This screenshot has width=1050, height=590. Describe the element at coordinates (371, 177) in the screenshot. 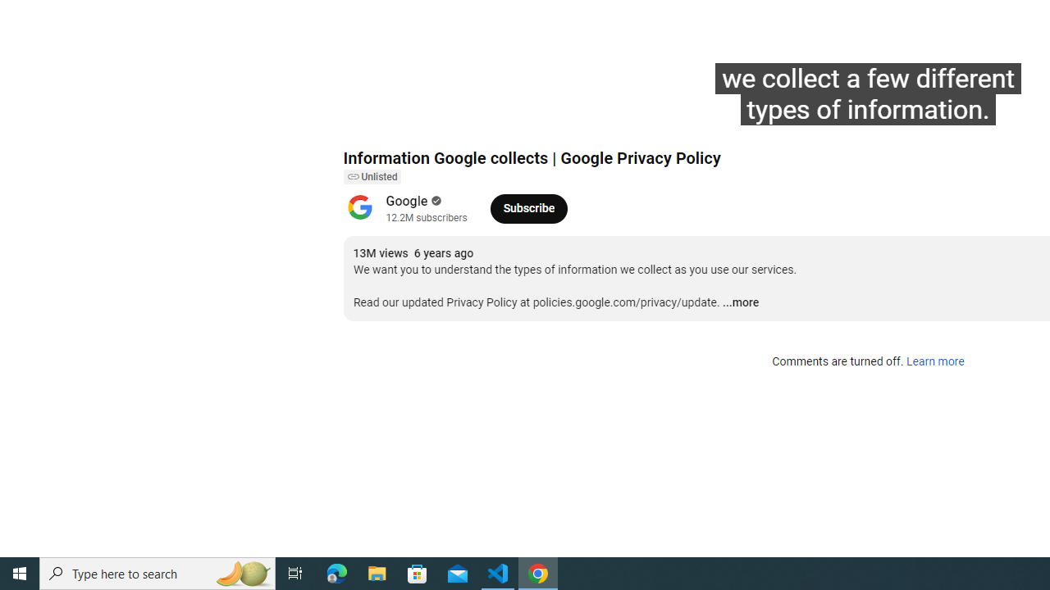

I see `'Unlisted'` at that location.